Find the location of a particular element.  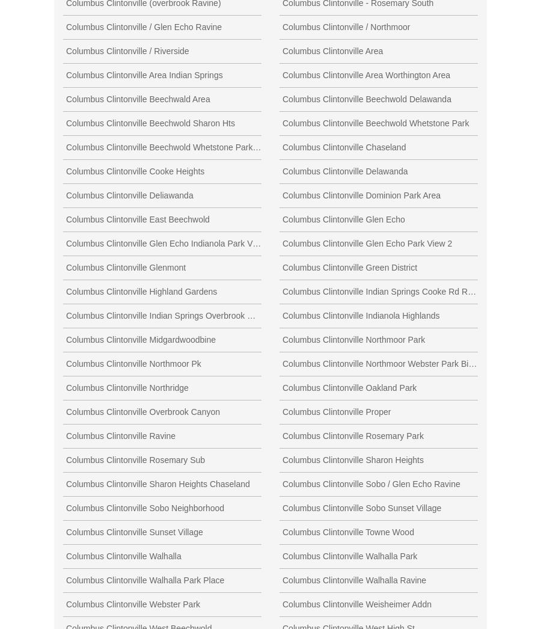

'Columbus Clintonville Northmoor Park' is located at coordinates (353, 339).